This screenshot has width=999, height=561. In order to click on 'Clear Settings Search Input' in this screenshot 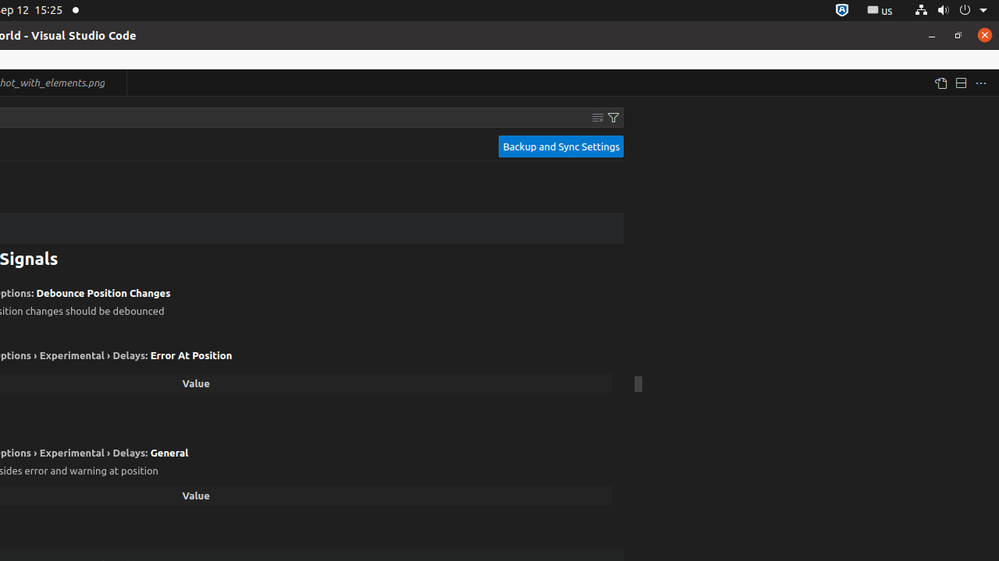, I will do `click(596, 116)`.